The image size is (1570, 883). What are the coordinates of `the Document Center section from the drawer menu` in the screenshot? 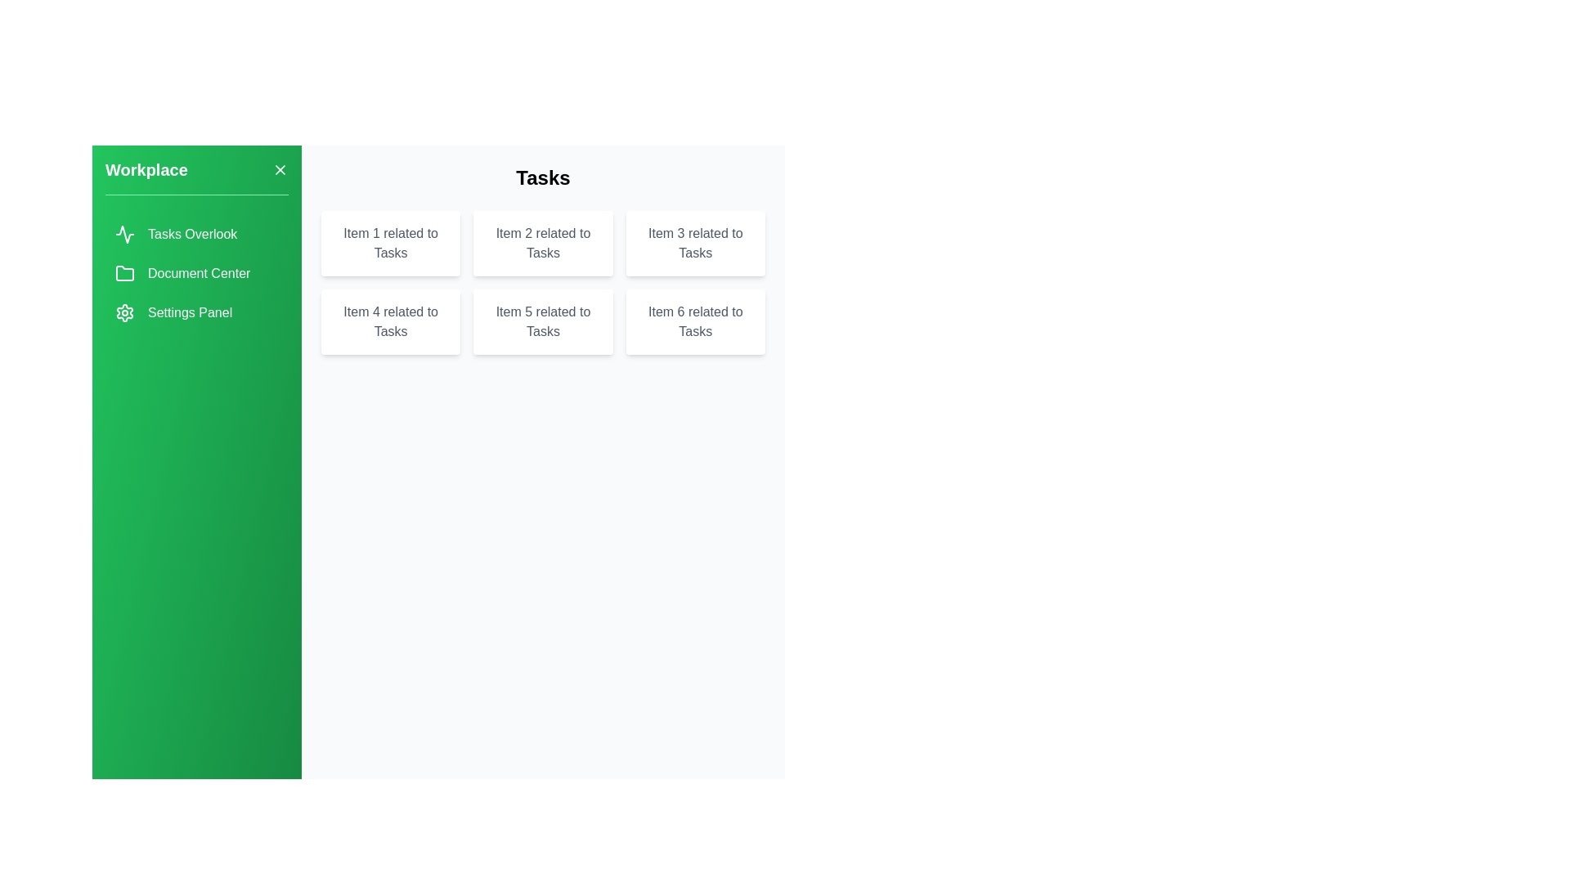 It's located at (196, 273).